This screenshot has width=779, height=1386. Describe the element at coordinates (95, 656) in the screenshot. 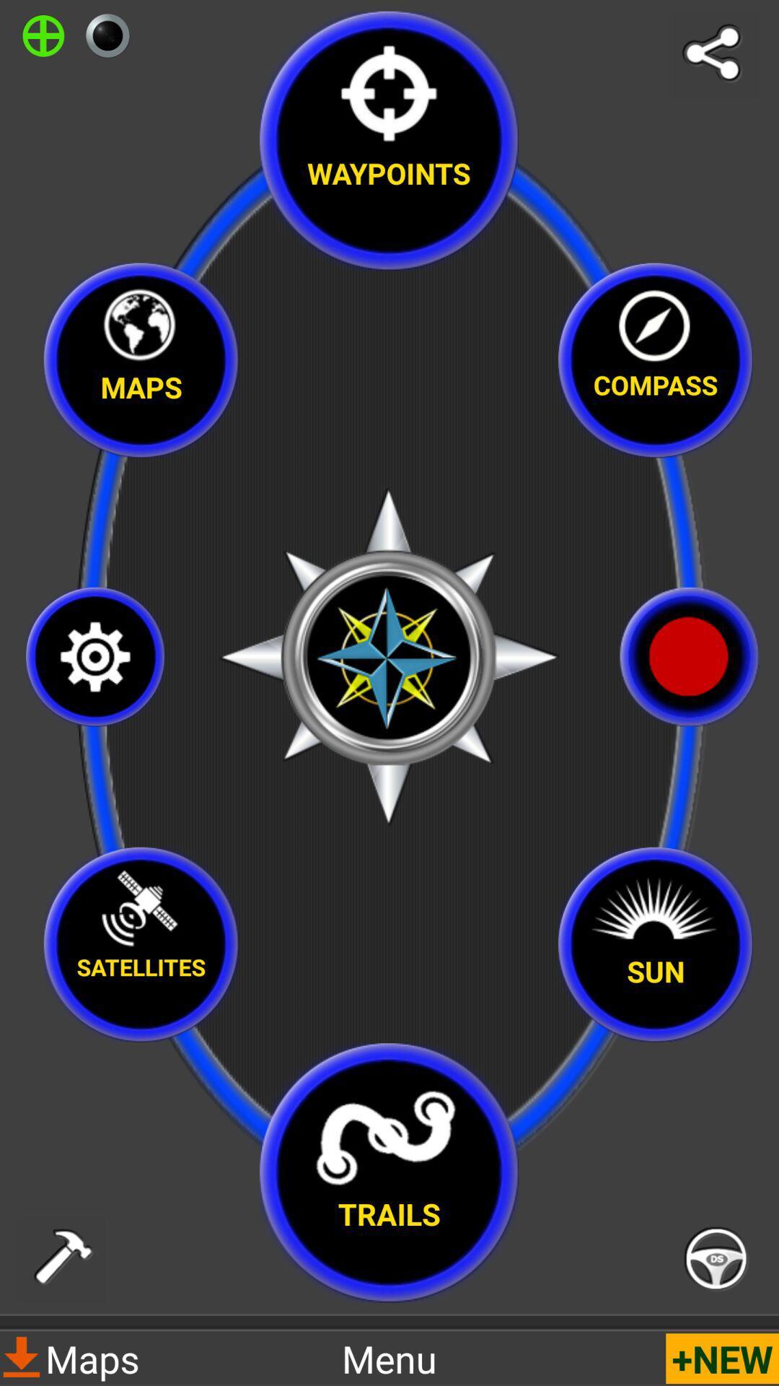

I see `the settings icon` at that location.